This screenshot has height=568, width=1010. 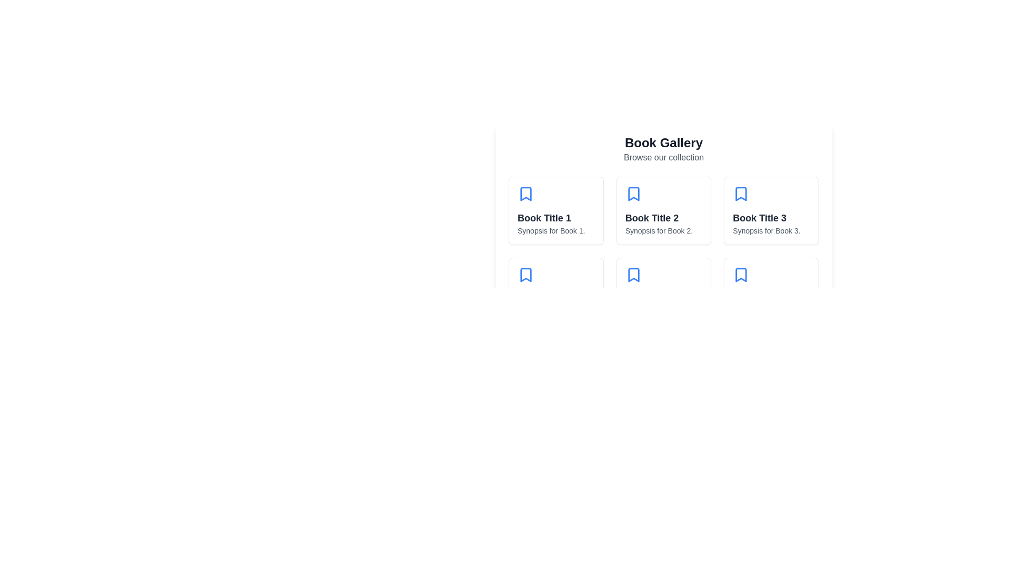 I want to click on the text label located below 'Book Title 1' within the bordered card layout in the top-left section of the grid, so click(x=551, y=230).